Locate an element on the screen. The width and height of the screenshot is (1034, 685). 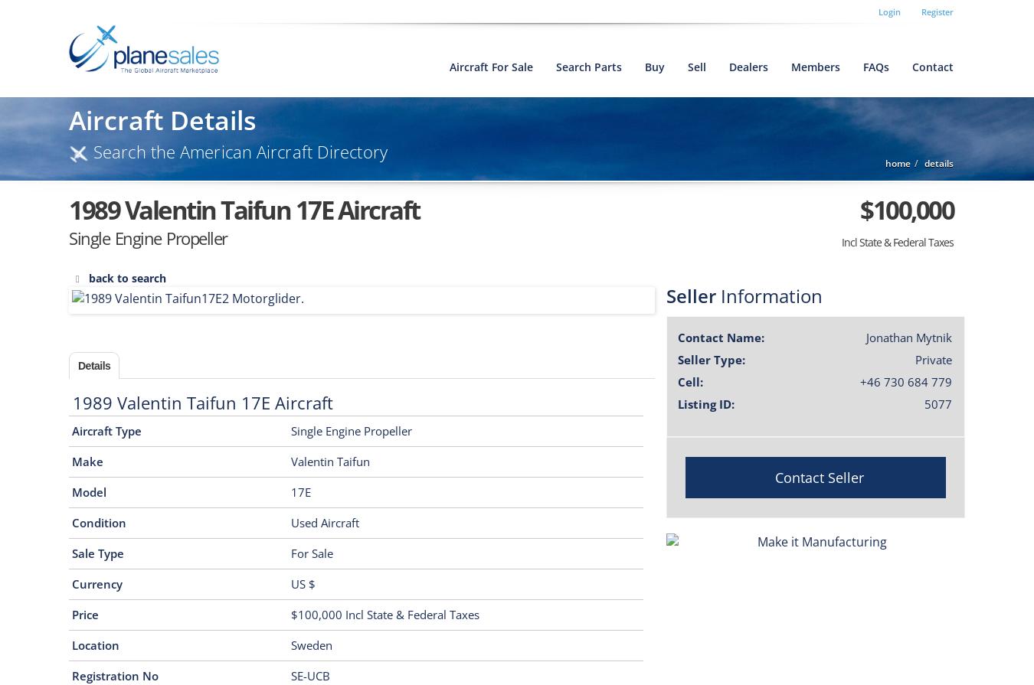
'back to search' is located at coordinates (127, 278).